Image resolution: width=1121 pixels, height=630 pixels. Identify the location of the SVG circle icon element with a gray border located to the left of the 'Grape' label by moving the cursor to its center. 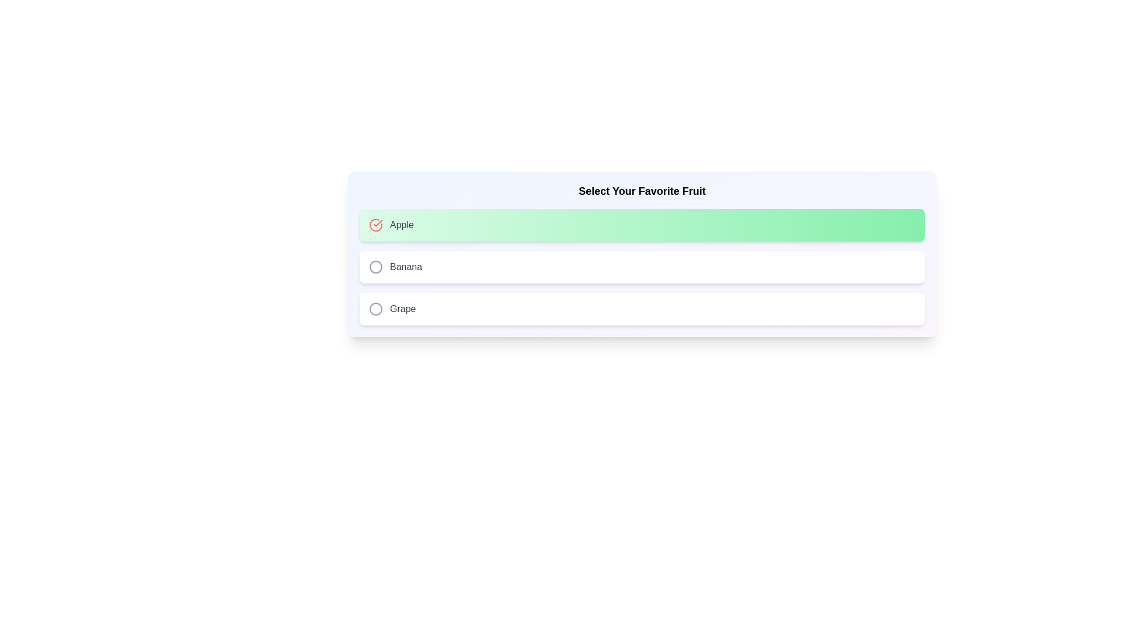
(375, 308).